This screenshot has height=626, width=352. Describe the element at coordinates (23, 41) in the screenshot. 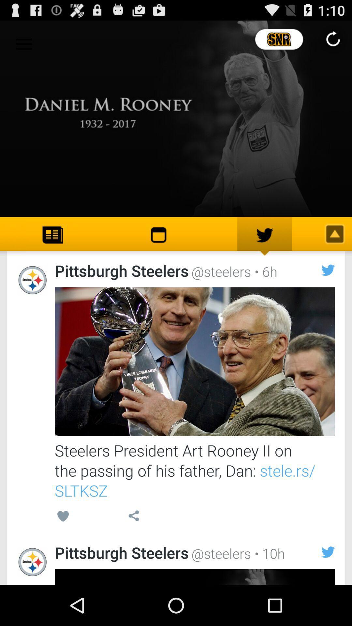

I see `the icon at the top left corner` at that location.